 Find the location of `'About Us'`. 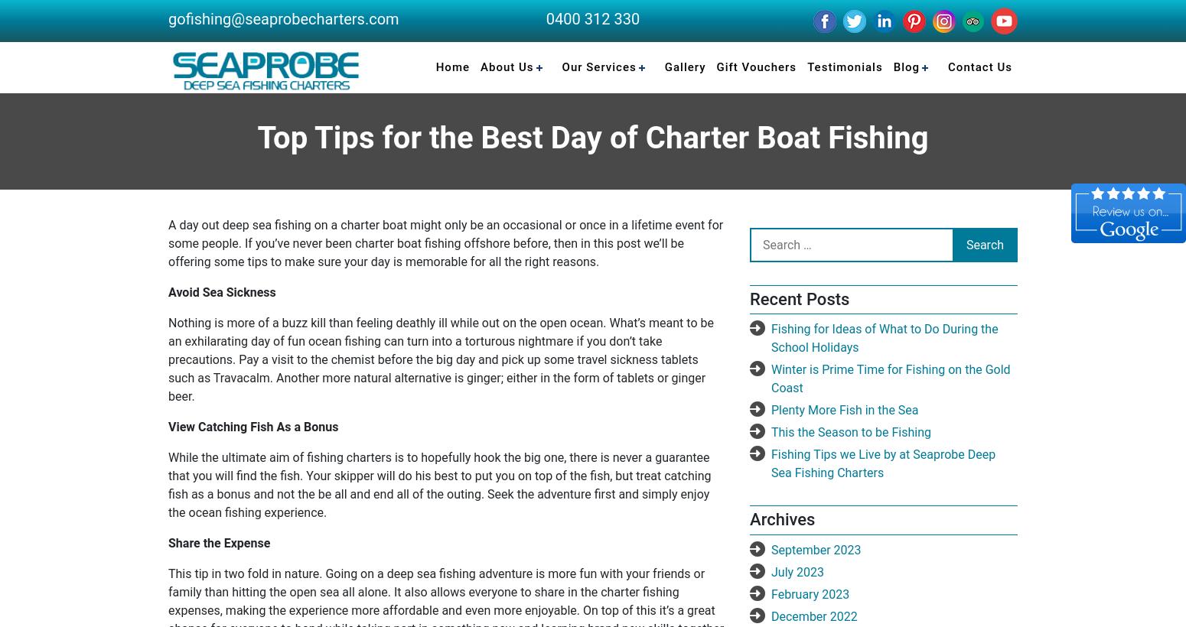

'About Us' is located at coordinates (480, 67).